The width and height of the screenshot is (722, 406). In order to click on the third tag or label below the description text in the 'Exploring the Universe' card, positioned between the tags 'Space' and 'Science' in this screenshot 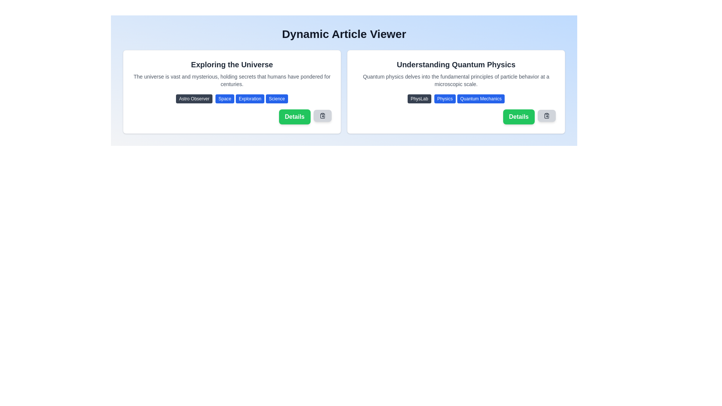, I will do `click(250, 98)`.